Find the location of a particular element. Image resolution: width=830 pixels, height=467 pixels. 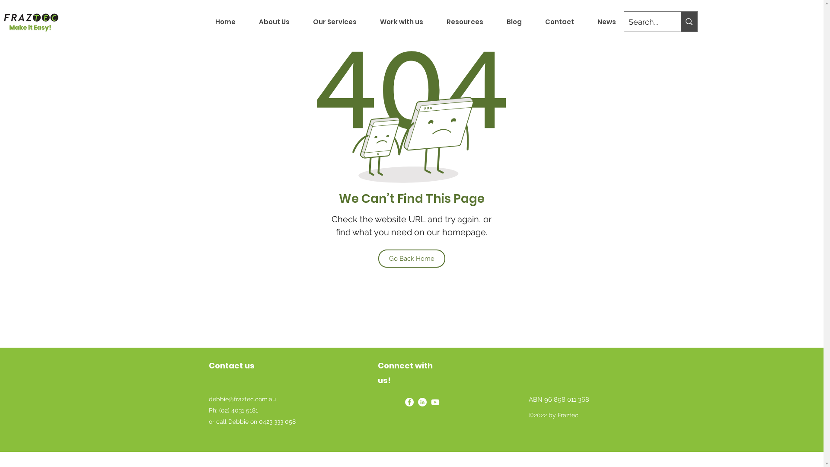

'Resources' is located at coordinates (464, 21).